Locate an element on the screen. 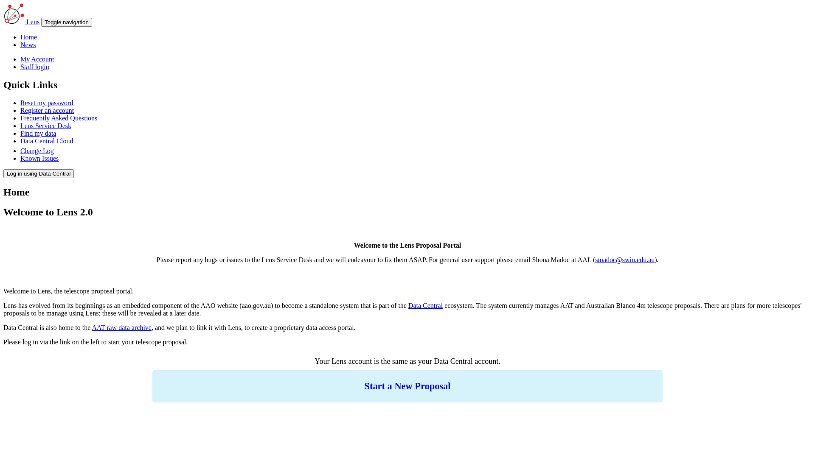  'Change Log' is located at coordinates (37, 150).